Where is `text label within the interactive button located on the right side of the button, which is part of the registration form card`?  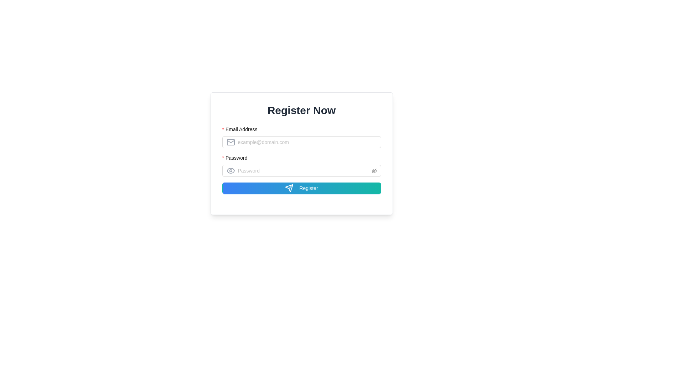
text label within the interactive button located on the right side of the button, which is part of the registration form card is located at coordinates (309, 188).